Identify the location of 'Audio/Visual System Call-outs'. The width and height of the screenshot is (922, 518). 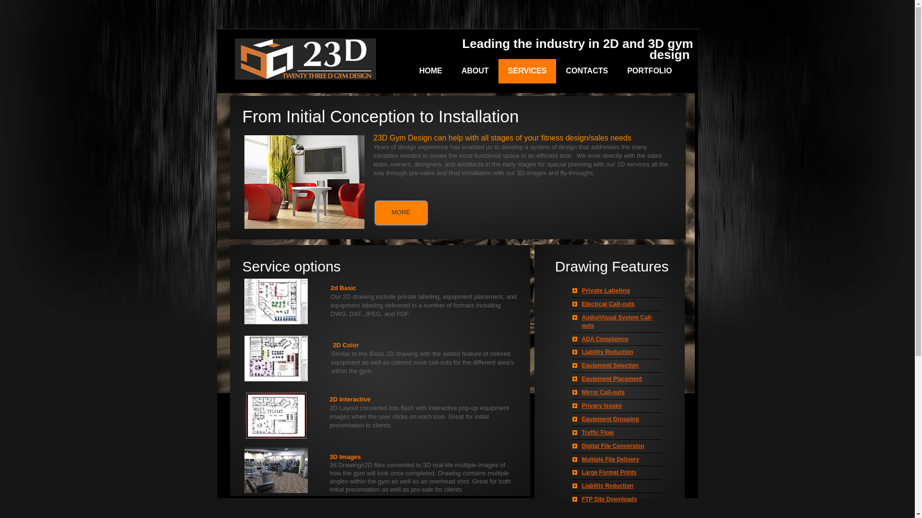
(618, 321).